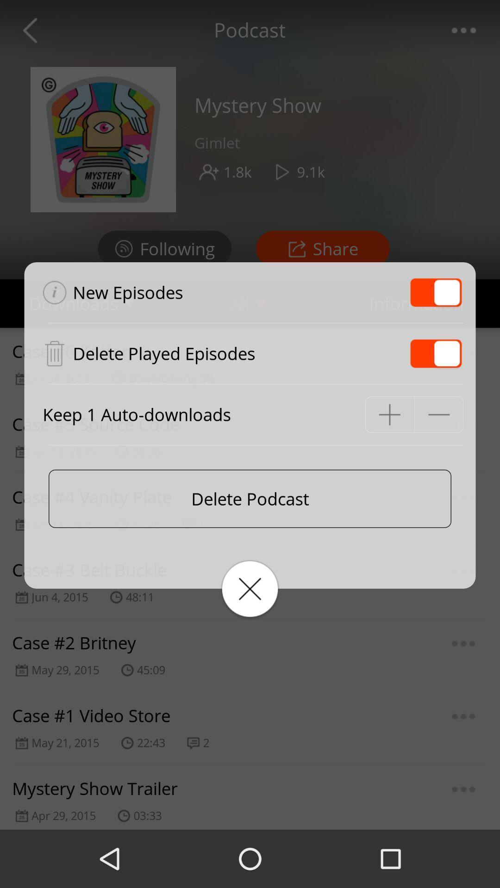 The height and width of the screenshot is (888, 500). What do you see at coordinates (389, 414) in the screenshot?
I see `the add icon` at bounding box center [389, 414].